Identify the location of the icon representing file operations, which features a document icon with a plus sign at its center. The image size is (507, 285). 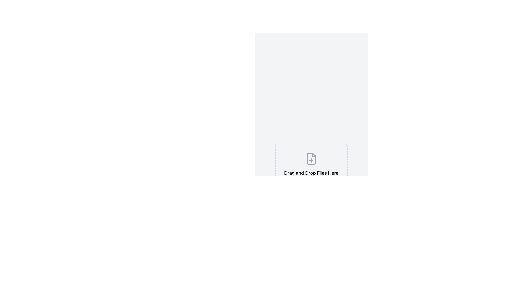
(311, 158).